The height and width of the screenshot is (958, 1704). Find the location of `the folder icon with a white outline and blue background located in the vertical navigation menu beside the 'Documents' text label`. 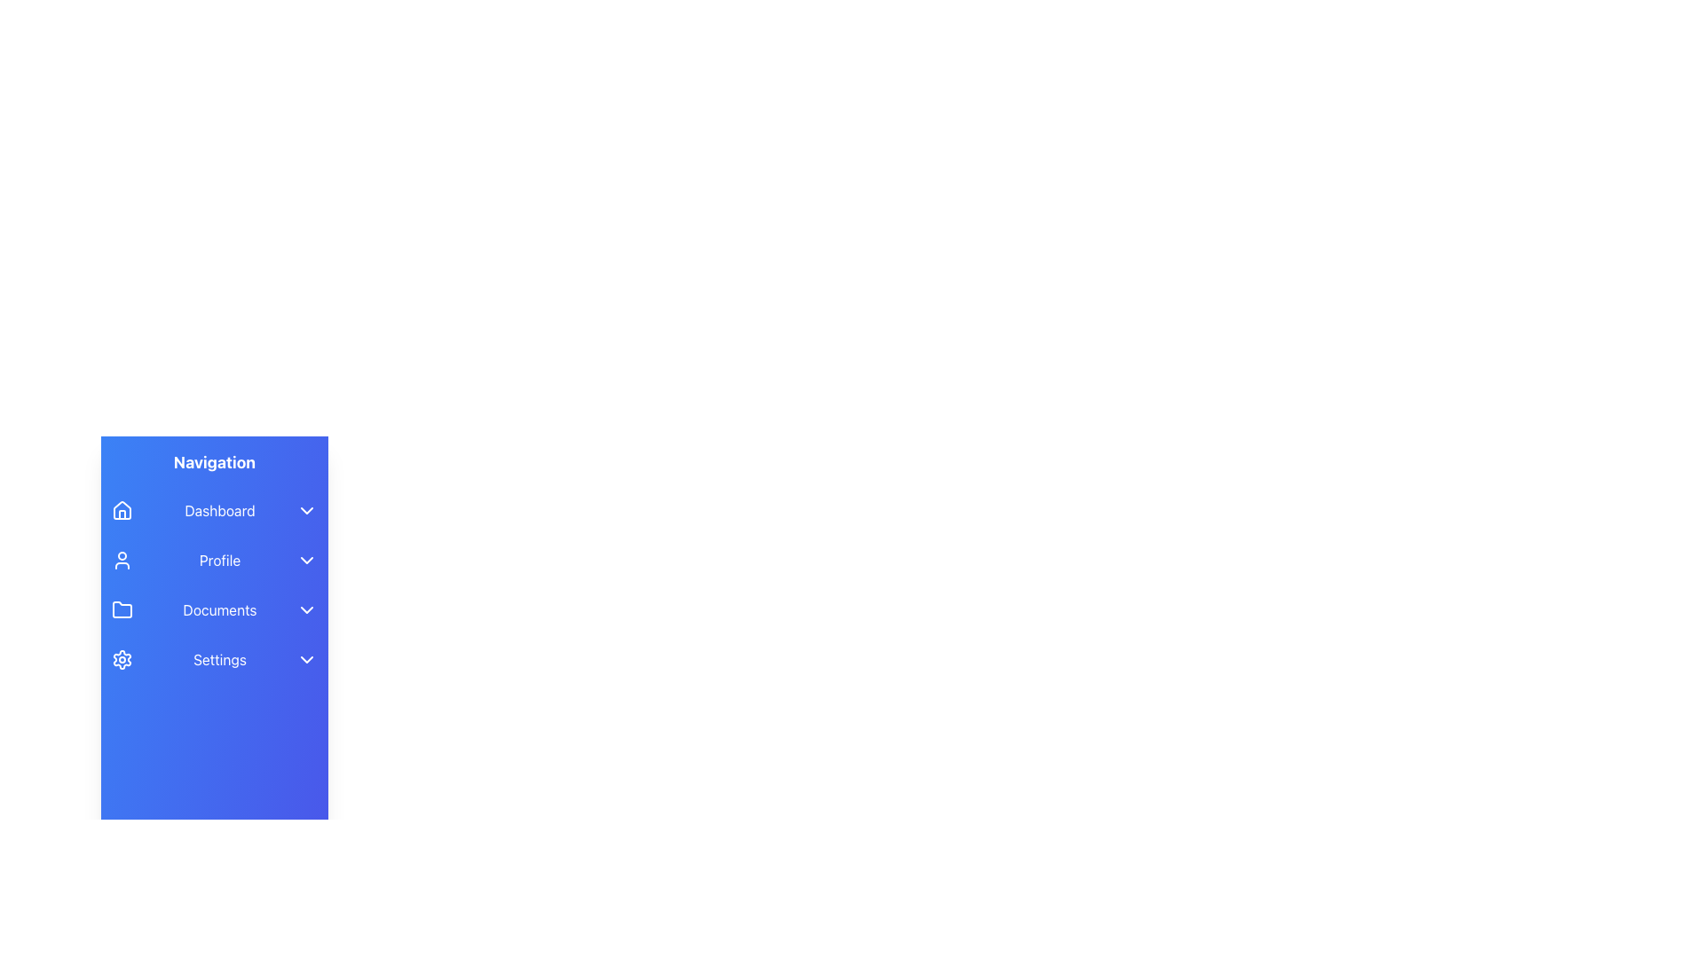

the folder icon with a white outline and blue background located in the vertical navigation menu beside the 'Documents' text label is located at coordinates (122, 609).